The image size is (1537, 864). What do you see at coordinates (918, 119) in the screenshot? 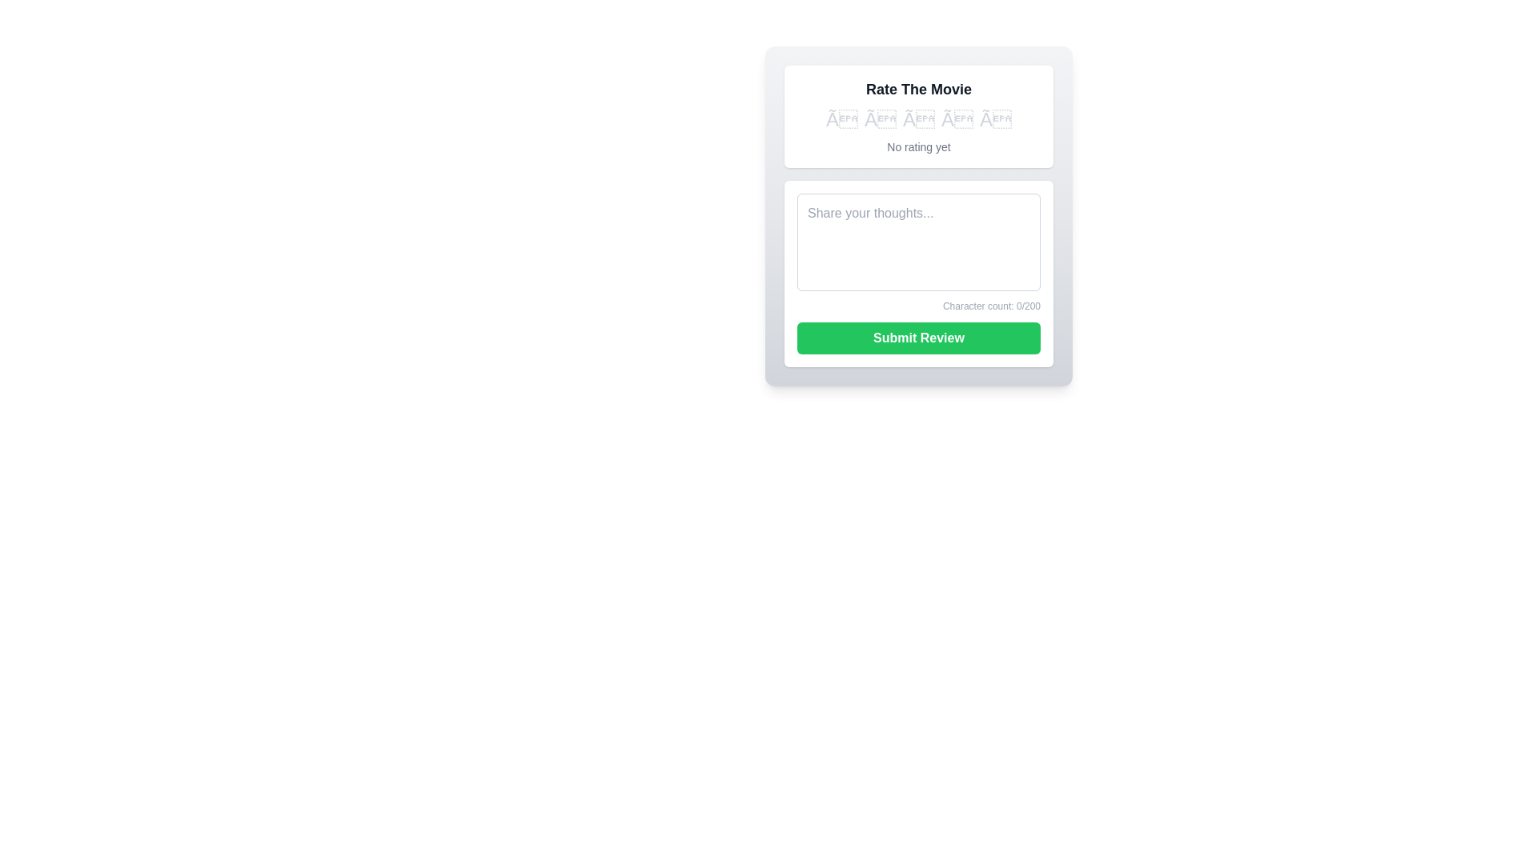
I see `the star corresponding to 3 to set the movie rating` at bounding box center [918, 119].